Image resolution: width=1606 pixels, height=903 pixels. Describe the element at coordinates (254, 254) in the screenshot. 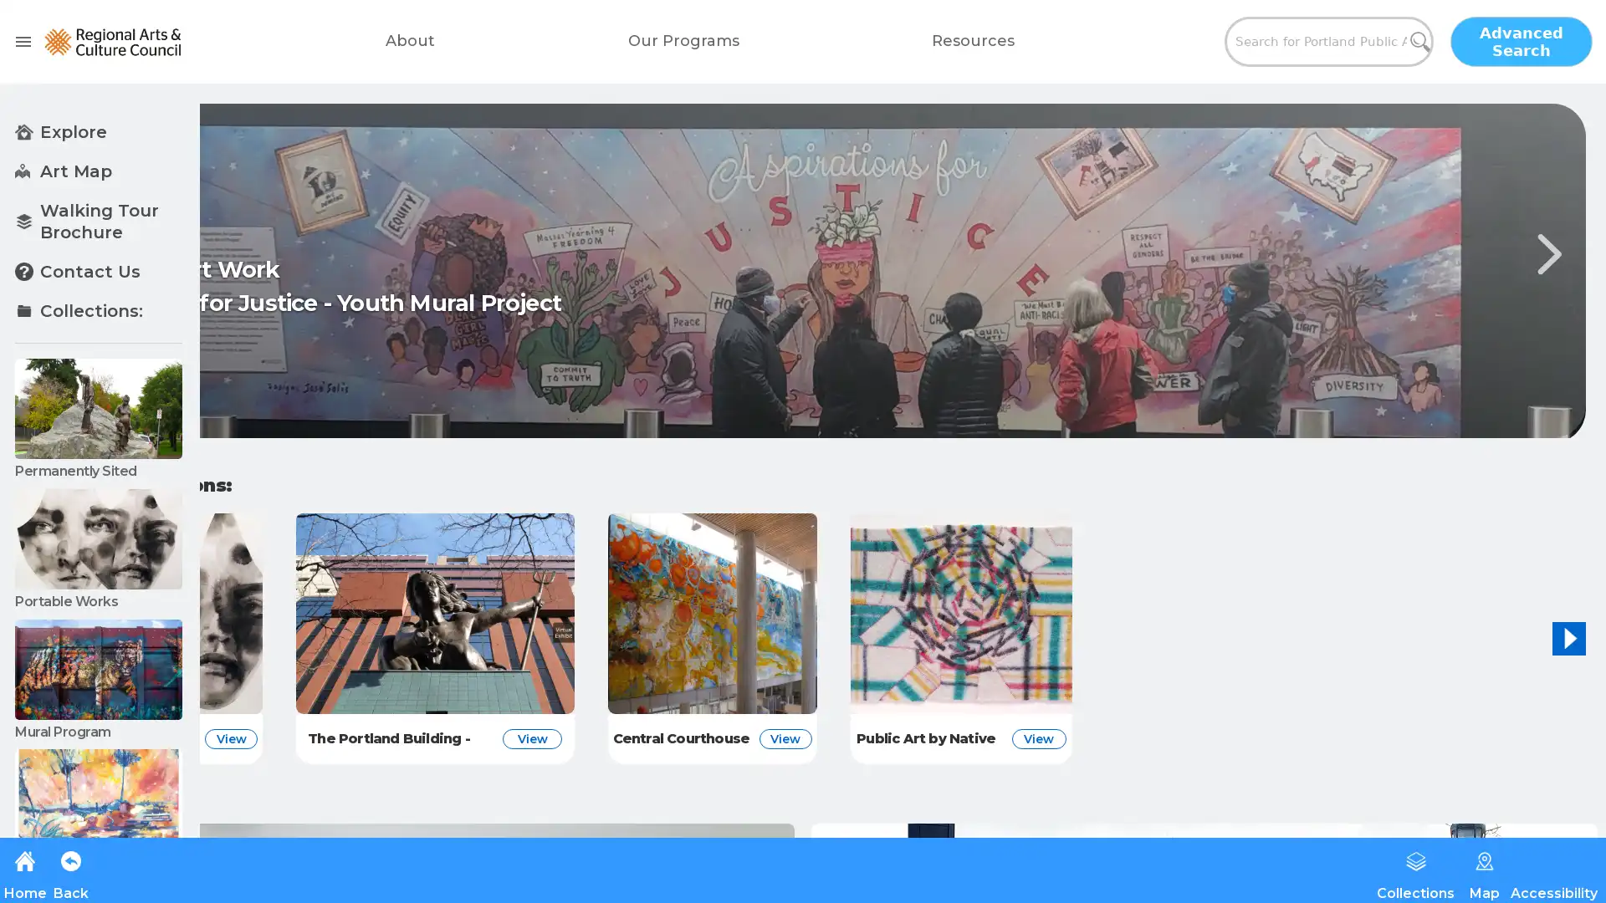

I see `Previous` at that location.